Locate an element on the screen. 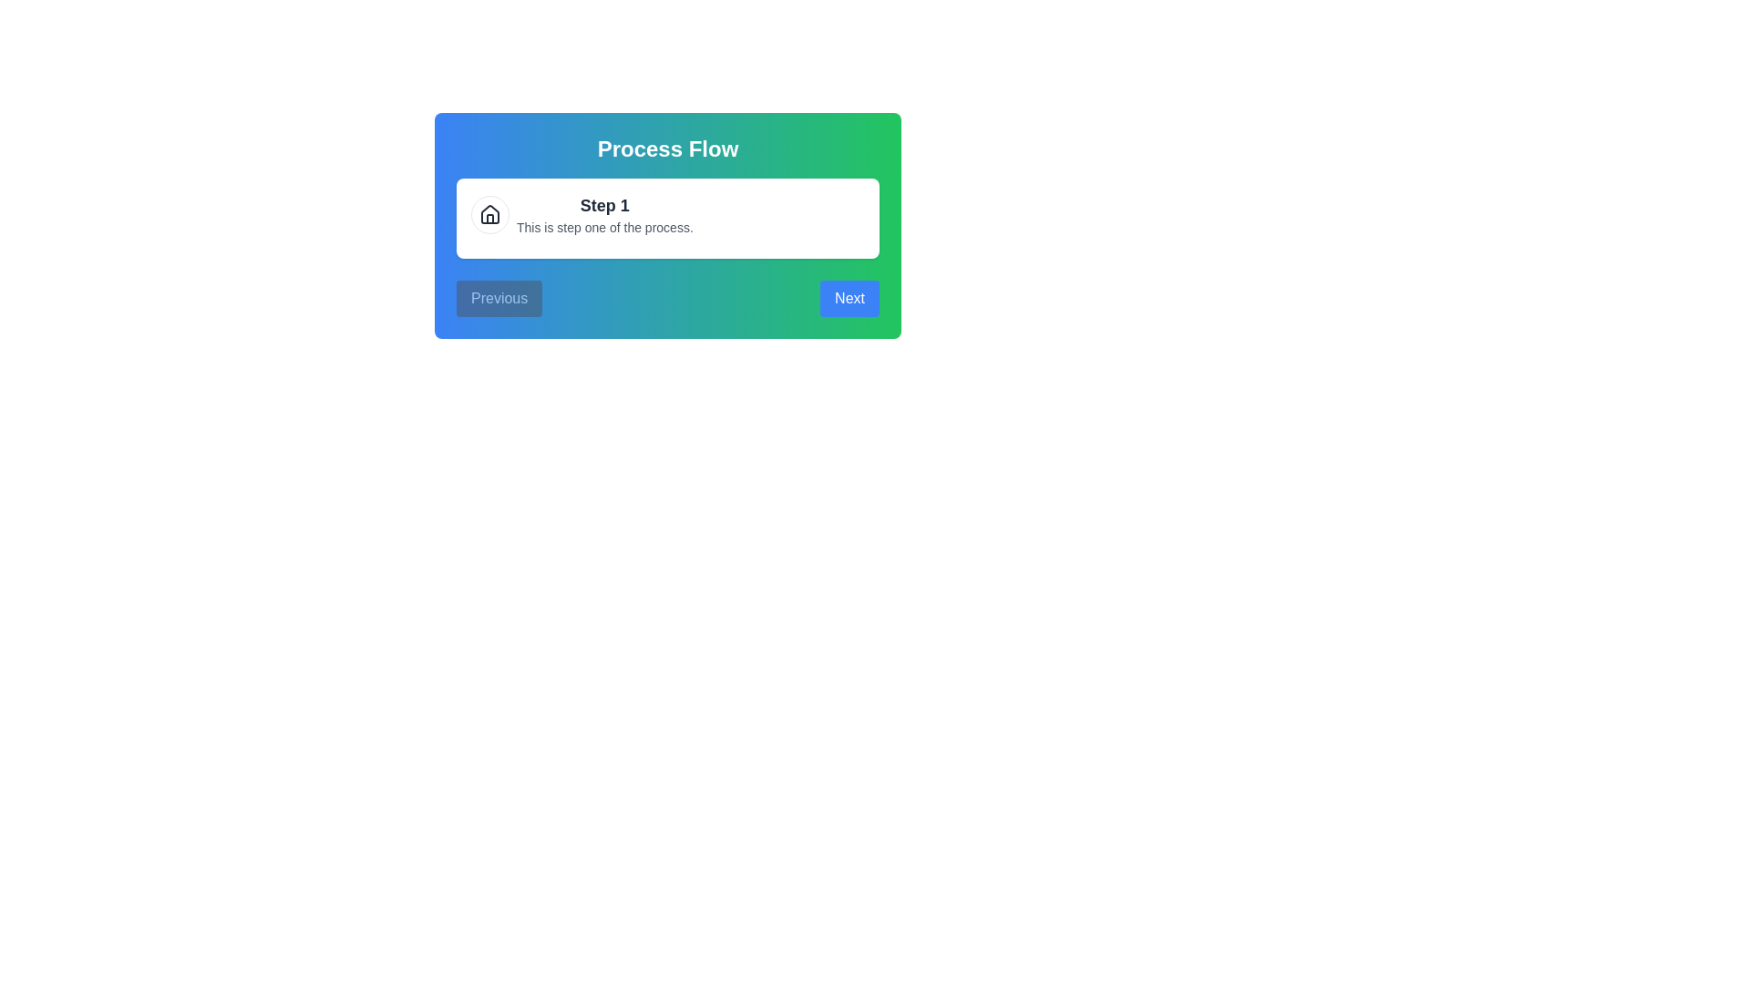 This screenshot has height=984, width=1750. the central icon within the circular button that serves as a navigation action to return to the main page in the 'Step 1' section of the interface is located at coordinates (489, 213).